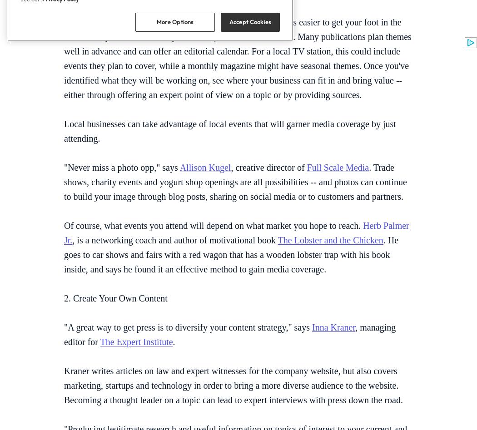 The image size is (477, 430). Describe the element at coordinates (333, 326) in the screenshot. I see `'Inna Kraner'` at that location.